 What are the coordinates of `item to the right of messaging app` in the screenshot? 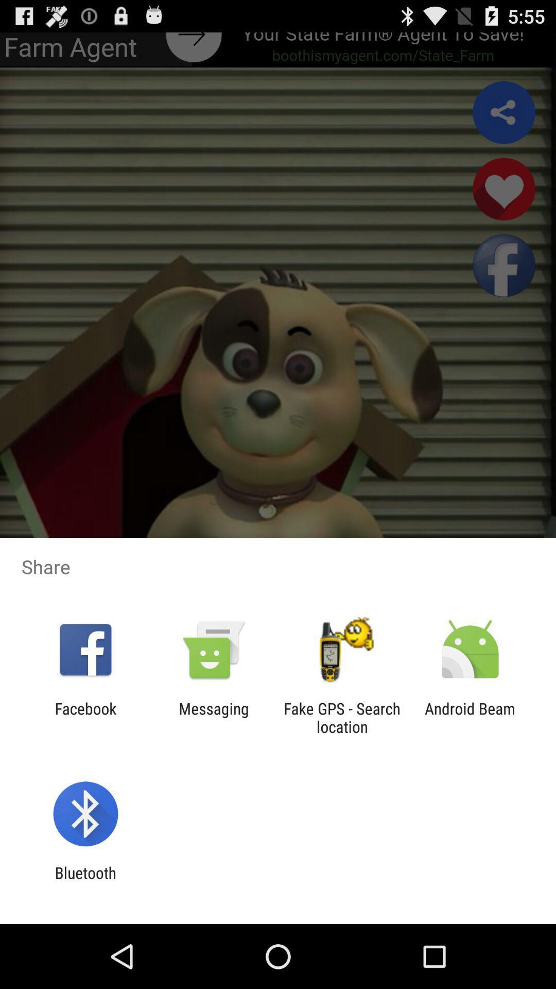 It's located at (342, 717).